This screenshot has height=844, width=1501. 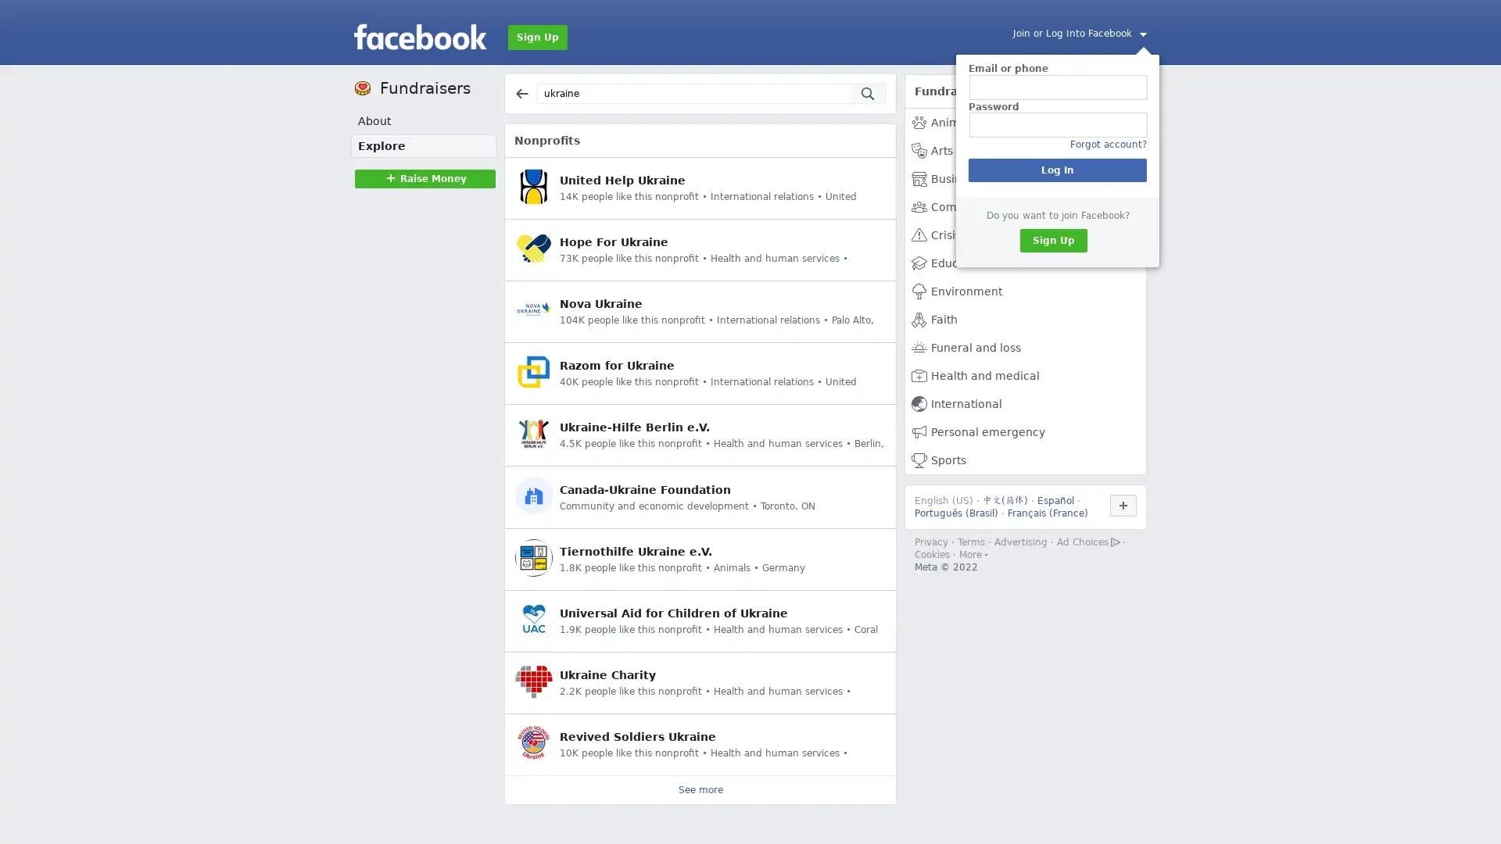 I want to click on (), so click(x=1005, y=500).